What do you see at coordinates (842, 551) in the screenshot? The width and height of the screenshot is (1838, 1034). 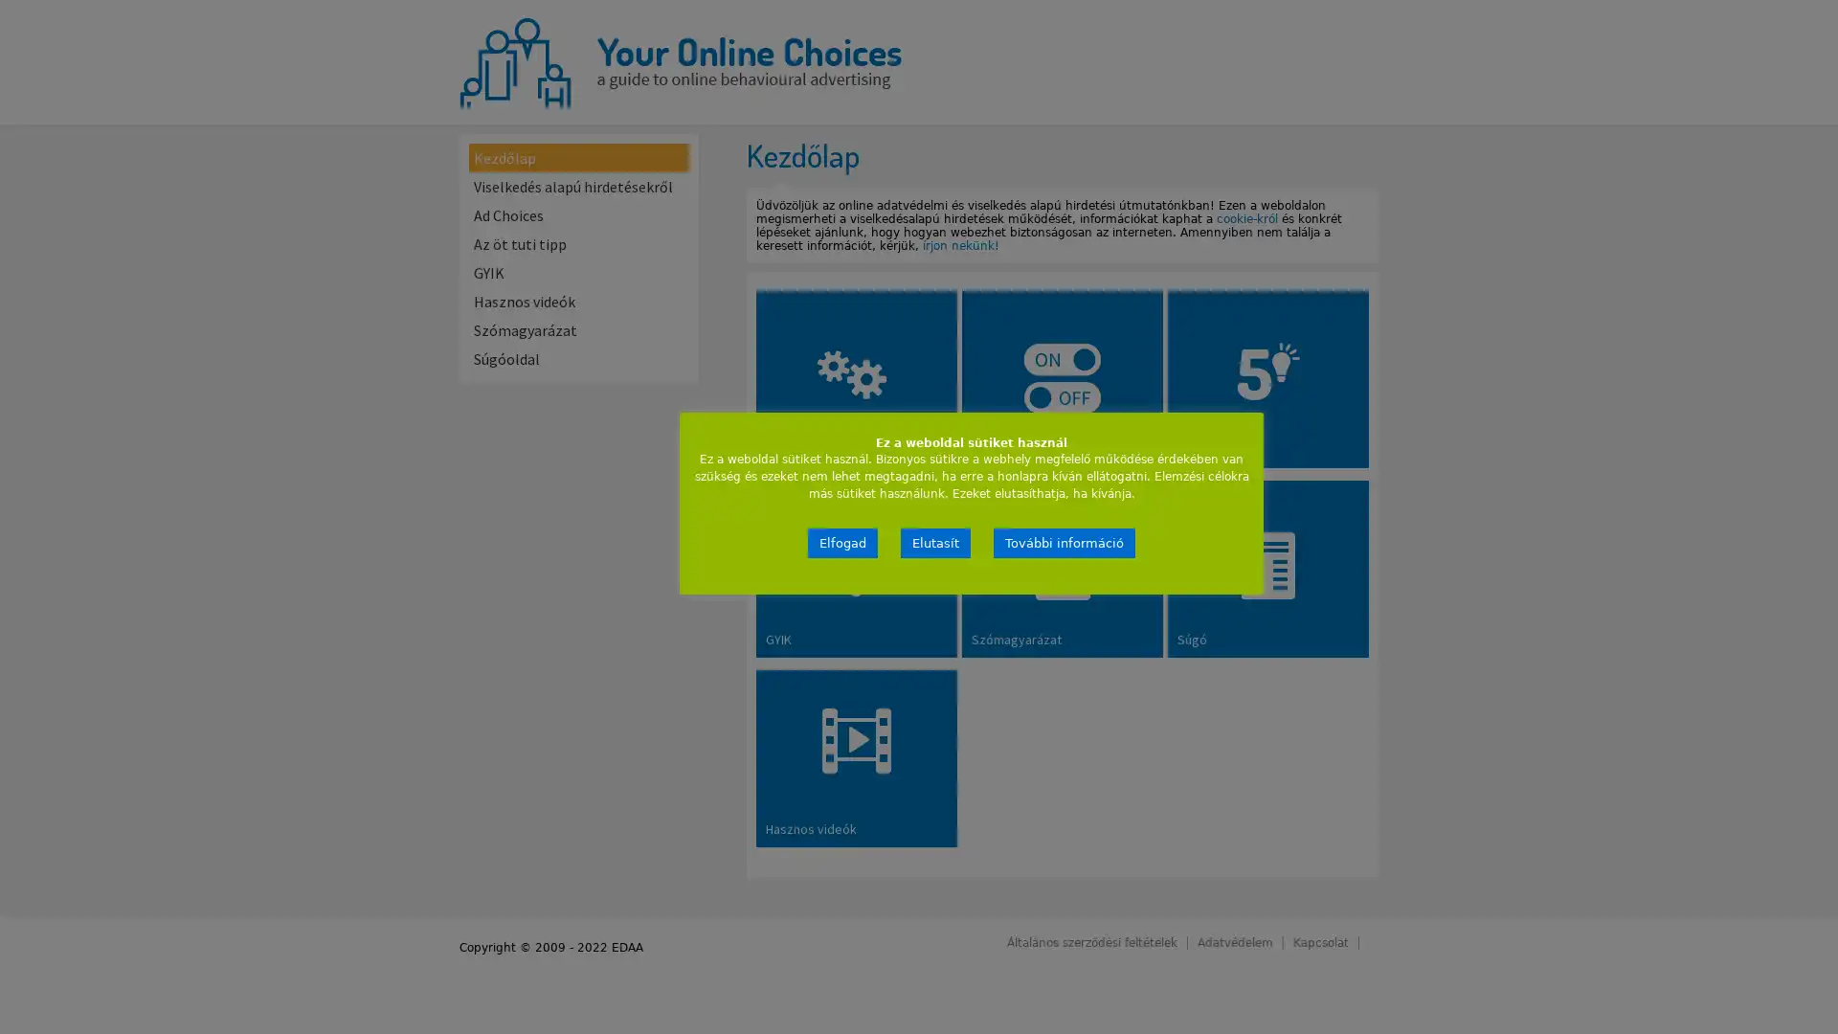 I see `Elfogad` at bounding box center [842, 551].